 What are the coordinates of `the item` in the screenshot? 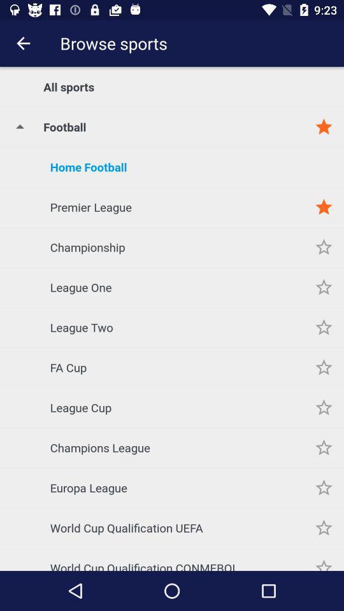 It's located at (324, 246).